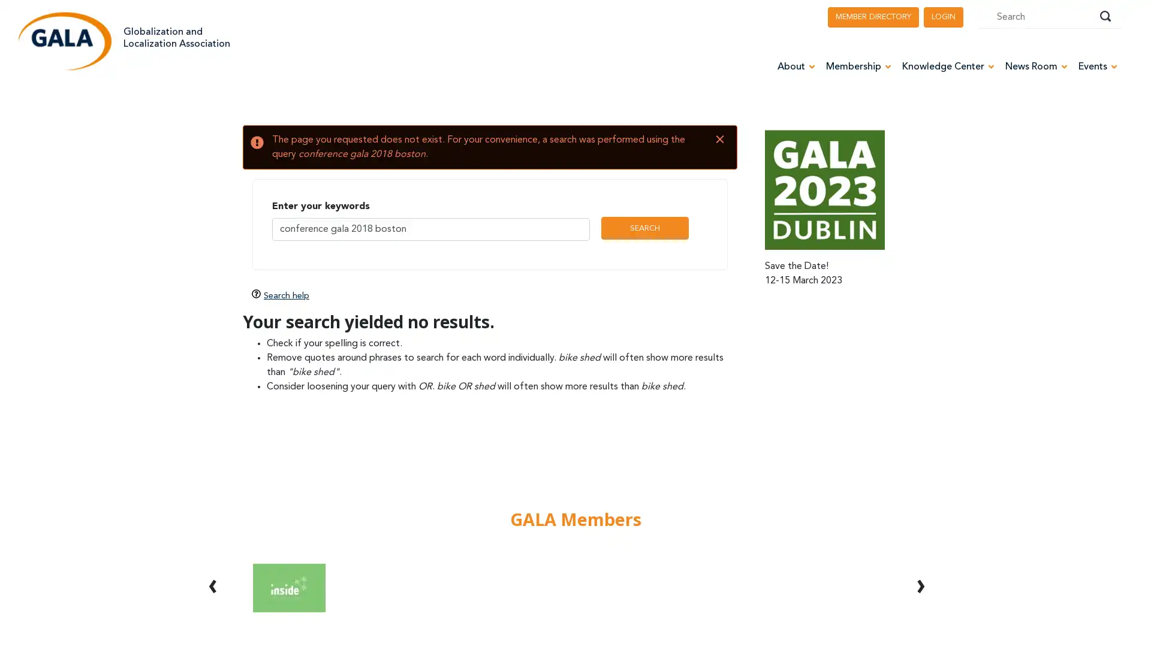 Image resolution: width=1151 pixels, height=647 pixels. Describe the element at coordinates (943, 17) in the screenshot. I see `LOGIN` at that location.